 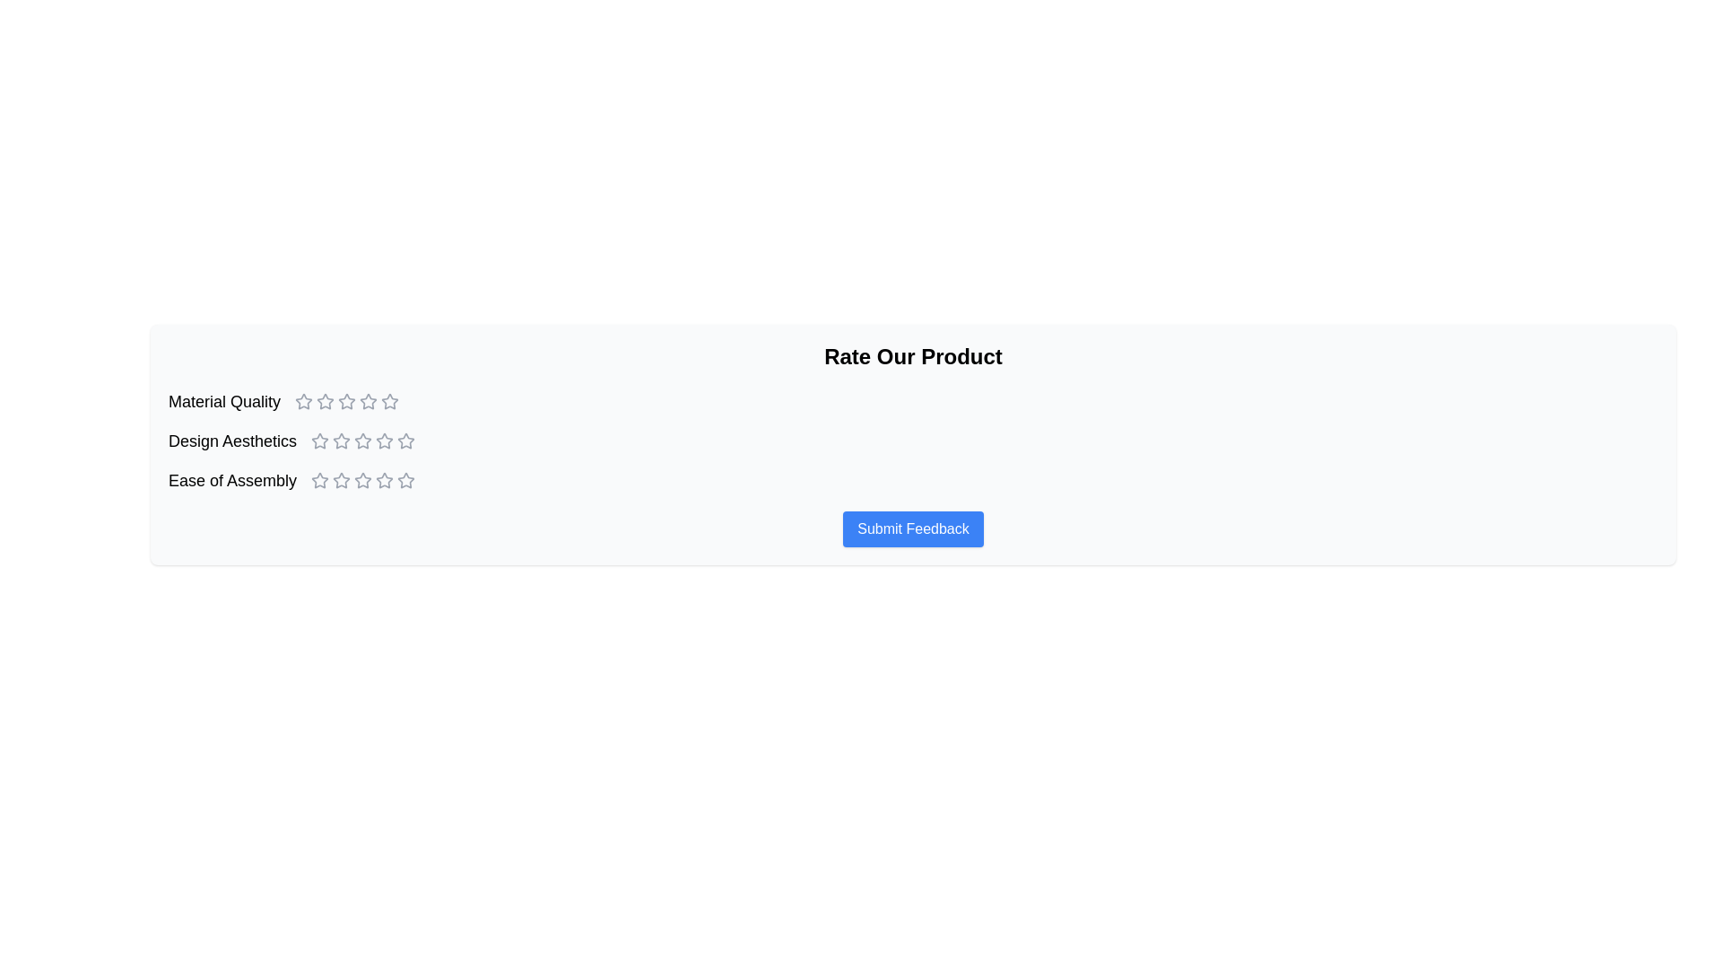 What do you see at coordinates (342, 479) in the screenshot?
I see `the second star in the interactive rating stars for 'Ease of Assembly'` at bounding box center [342, 479].